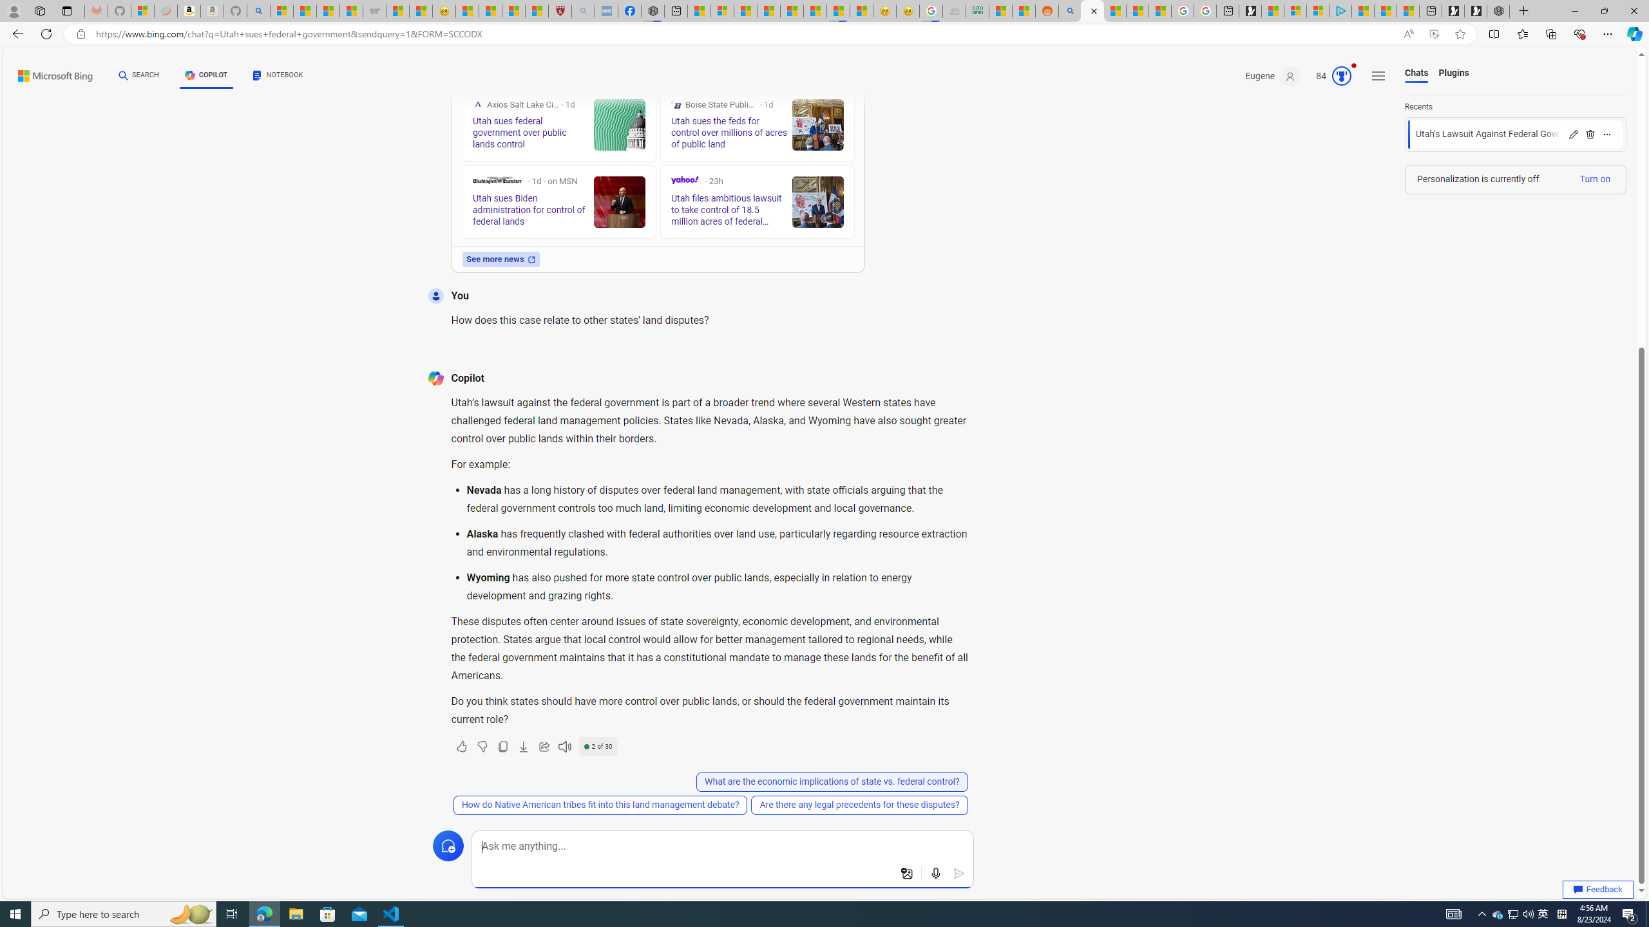 Image resolution: width=1649 pixels, height=927 pixels. I want to click on 'Boise State Public Radio', so click(675, 104).